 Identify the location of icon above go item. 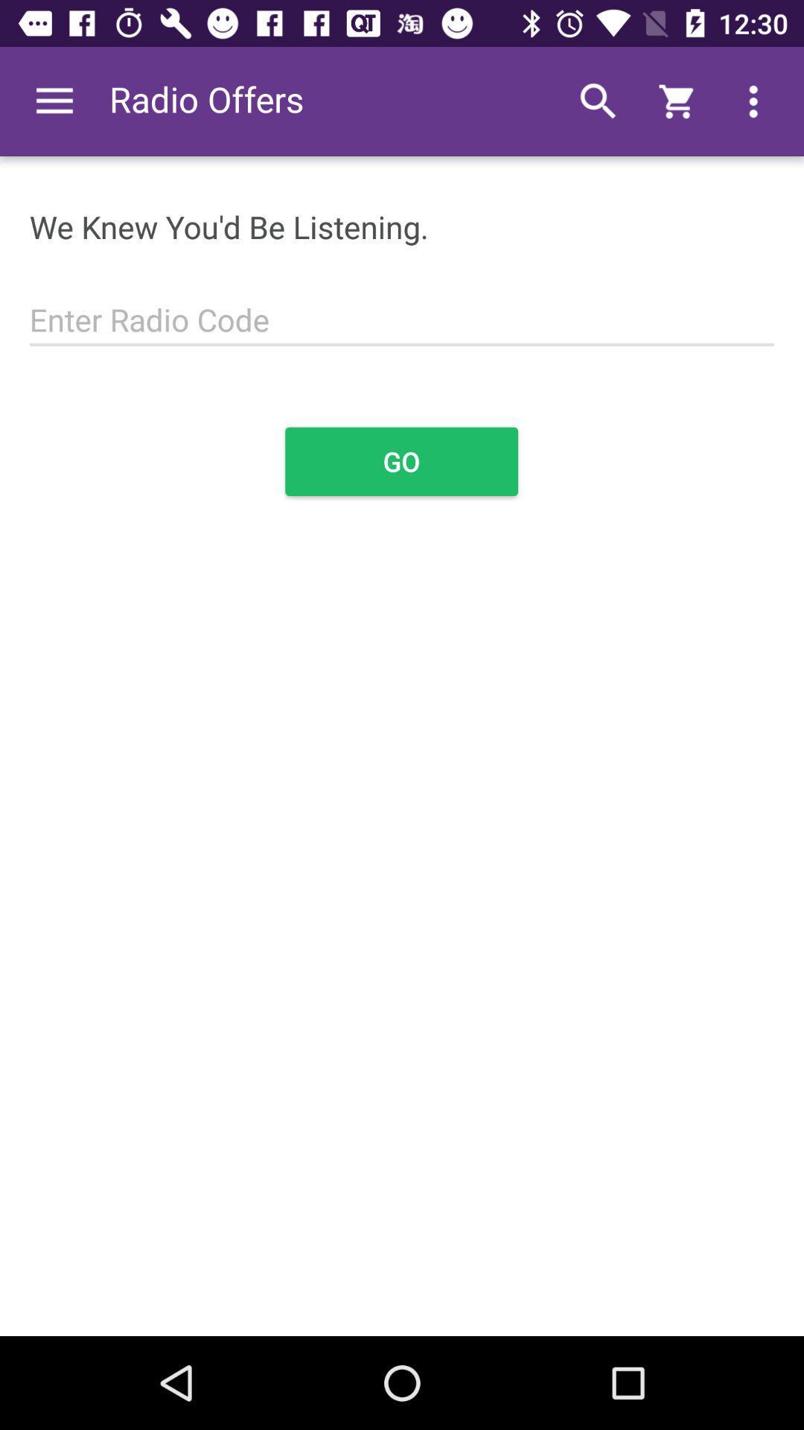
(402, 311).